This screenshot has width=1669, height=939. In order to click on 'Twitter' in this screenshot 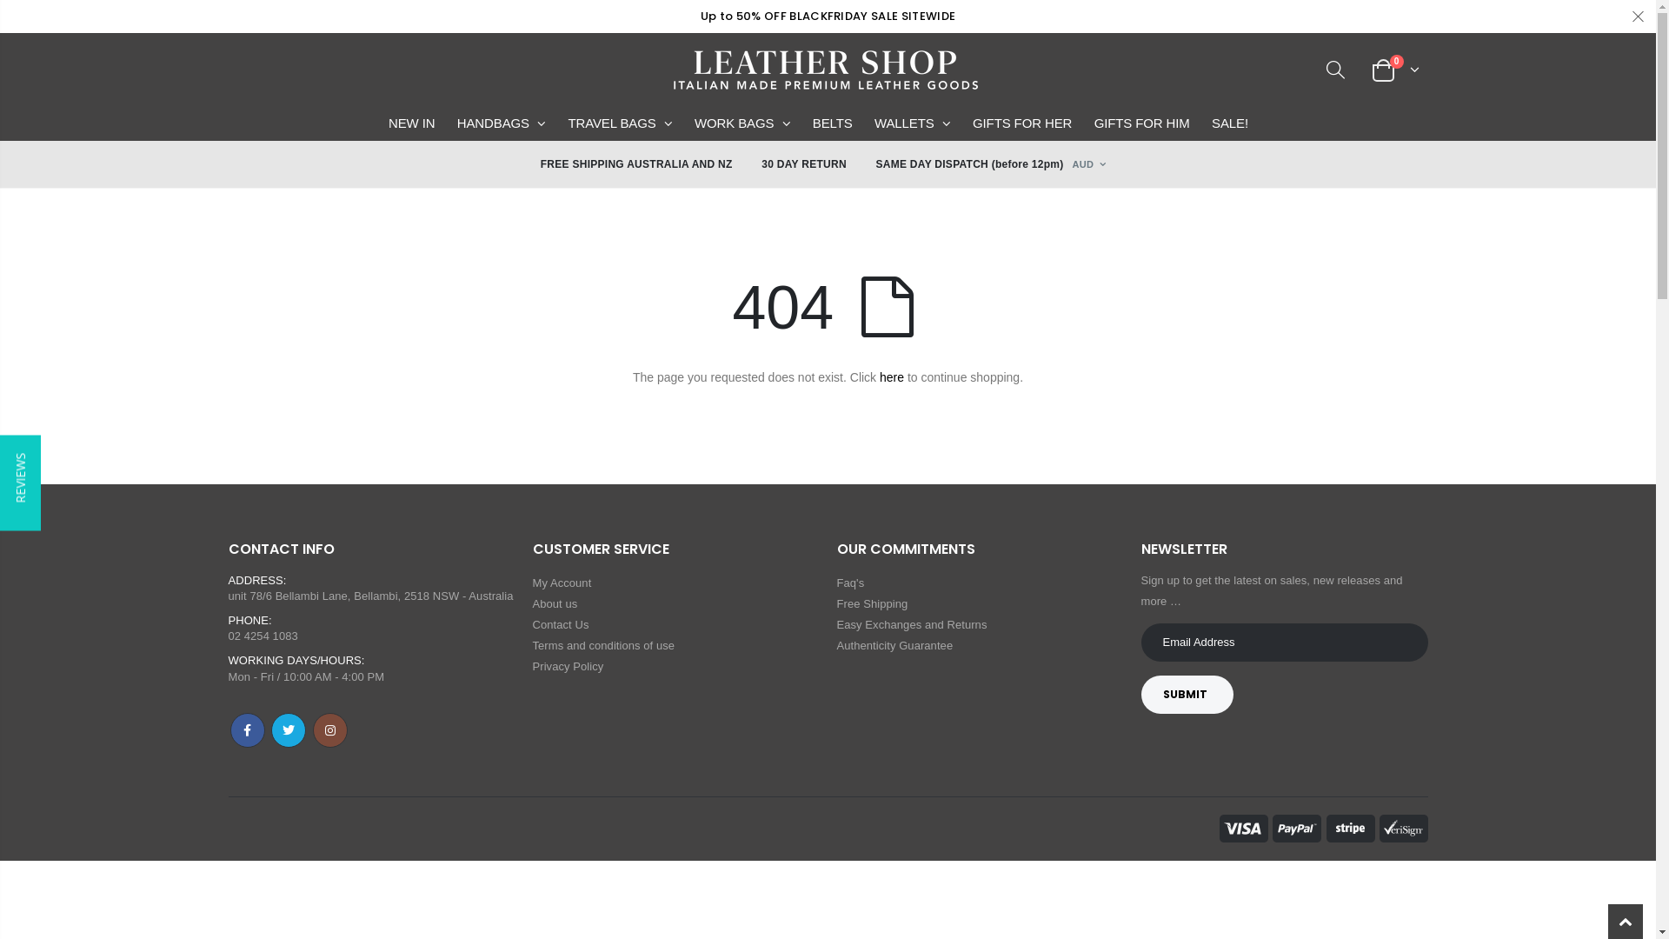, I will do `click(288, 730)`.